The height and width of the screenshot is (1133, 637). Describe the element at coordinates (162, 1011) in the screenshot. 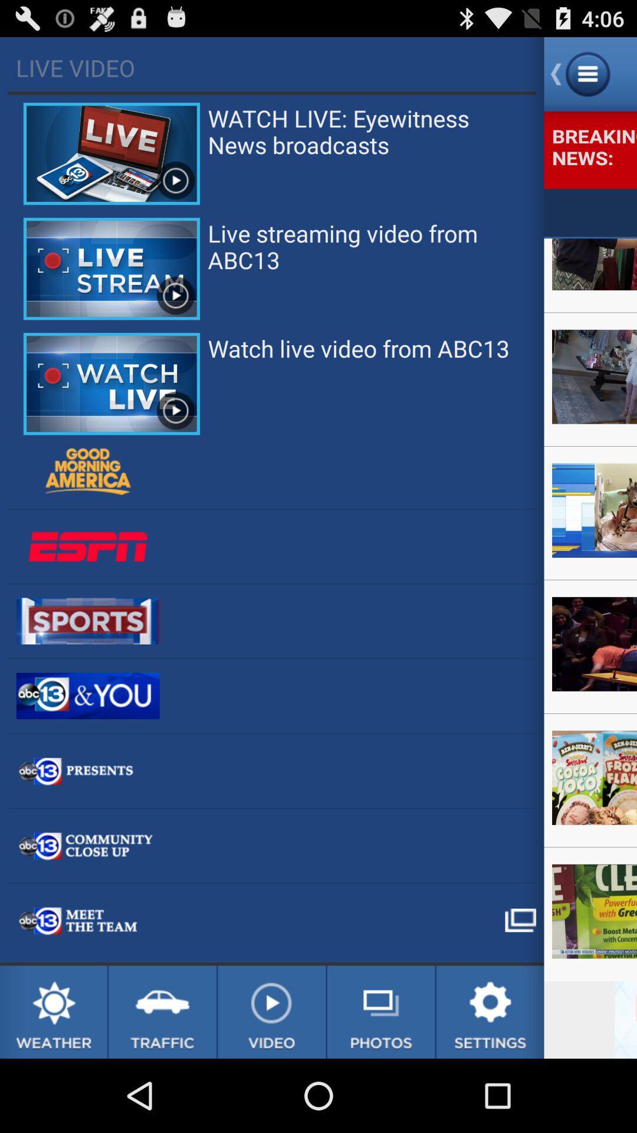

I see `traffic news` at that location.